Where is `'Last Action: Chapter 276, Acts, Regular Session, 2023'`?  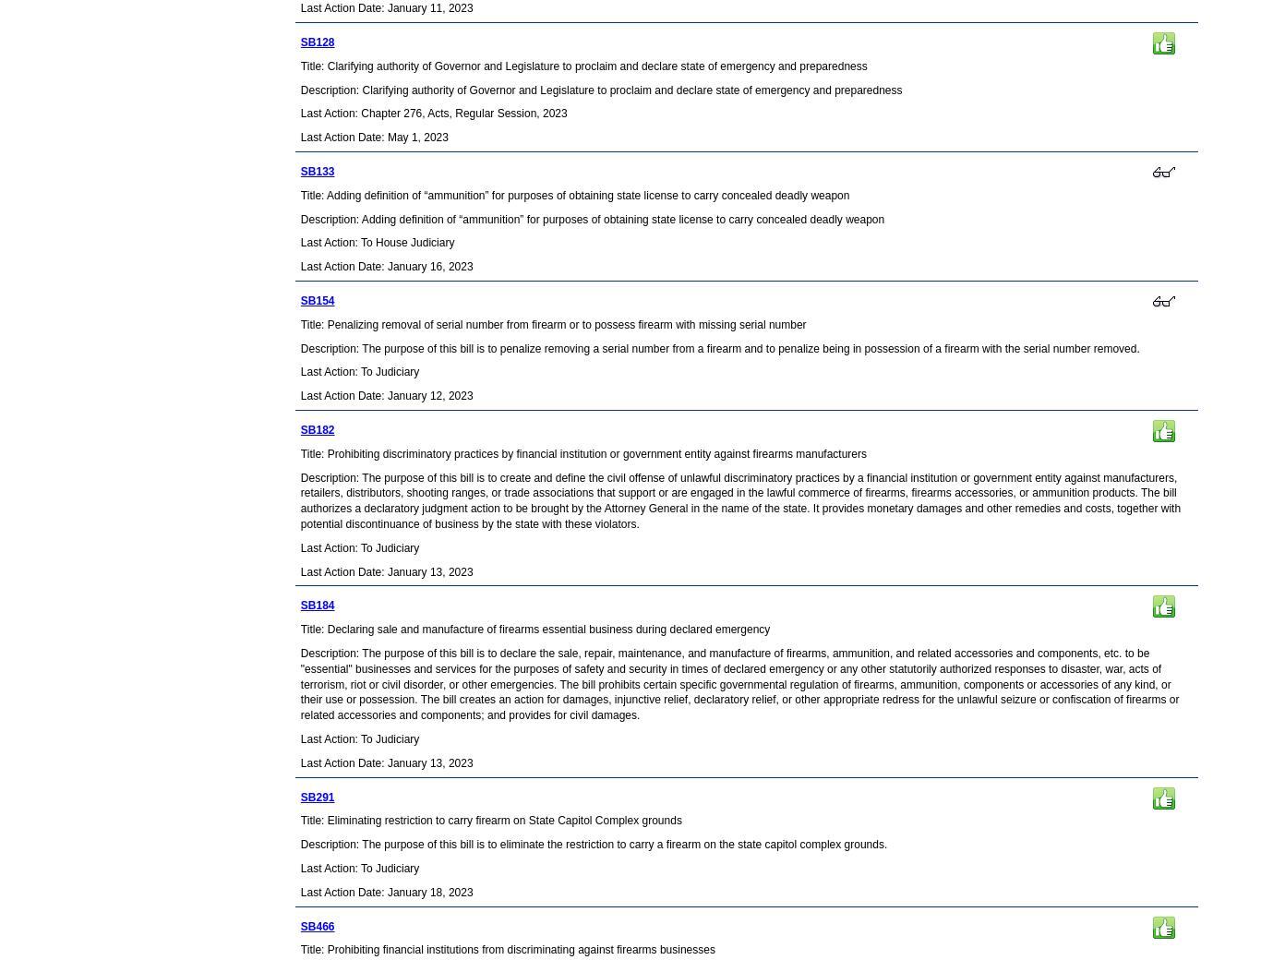 'Last Action: Chapter 276, Acts, Regular Session, 2023' is located at coordinates (433, 113).